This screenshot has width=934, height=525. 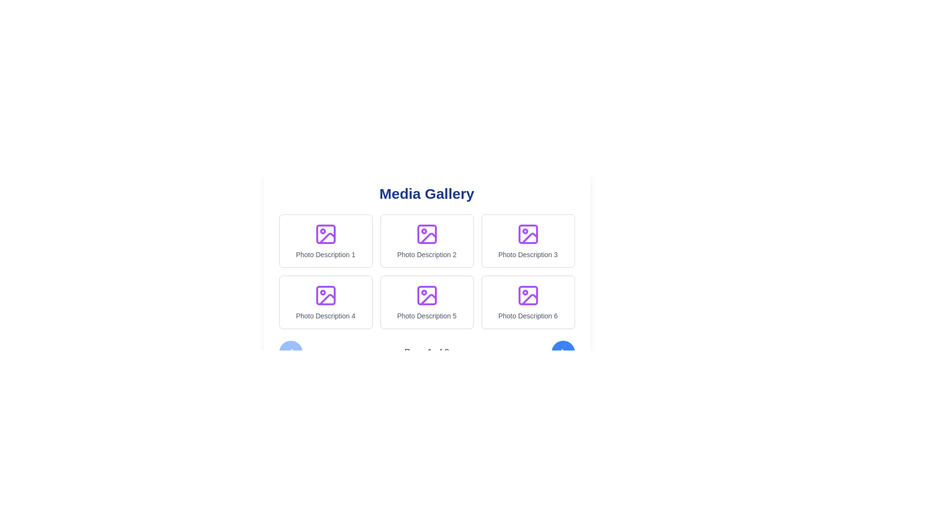 I want to click on the non-interactive vector graphic indicating 'Photo Description 1' in the 'Media Gallery' grid, so click(x=327, y=238).